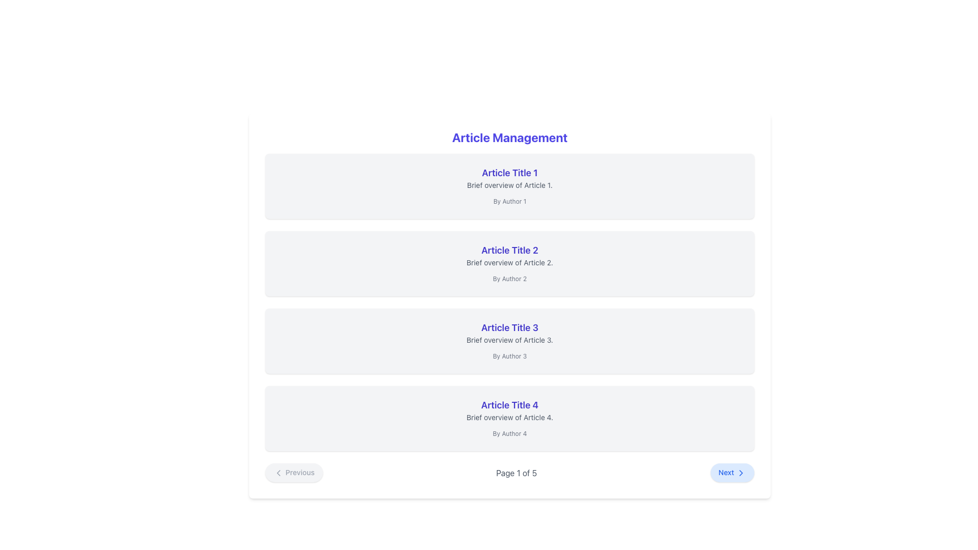 The image size is (978, 550). Describe the element at coordinates (510, 404) in the screenshot. I see `the text label styled as the title of a content card that reads 'Article Title 4', which is prominently displayed in indigo color` at that location.